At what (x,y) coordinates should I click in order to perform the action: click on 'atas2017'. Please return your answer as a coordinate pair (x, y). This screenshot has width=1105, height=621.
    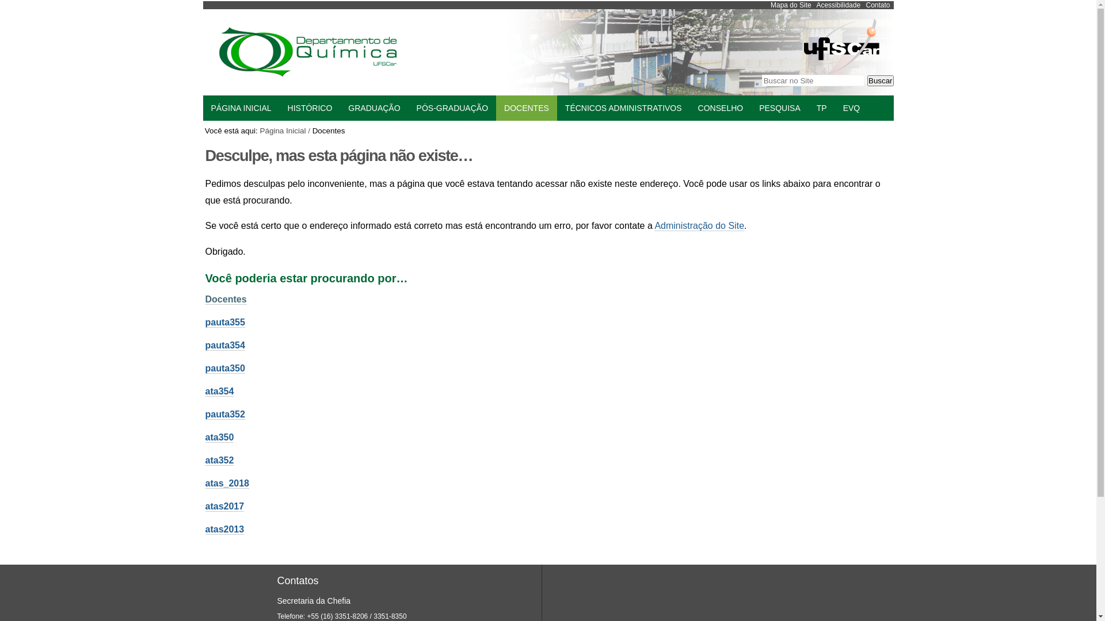
    Looking at the image, I should click on (224, 505).